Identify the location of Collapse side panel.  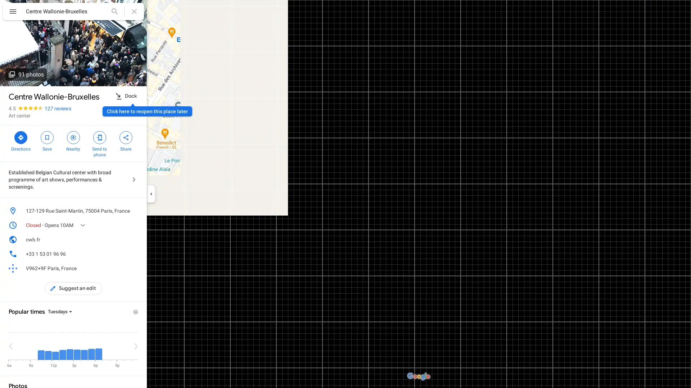
(150, 194).